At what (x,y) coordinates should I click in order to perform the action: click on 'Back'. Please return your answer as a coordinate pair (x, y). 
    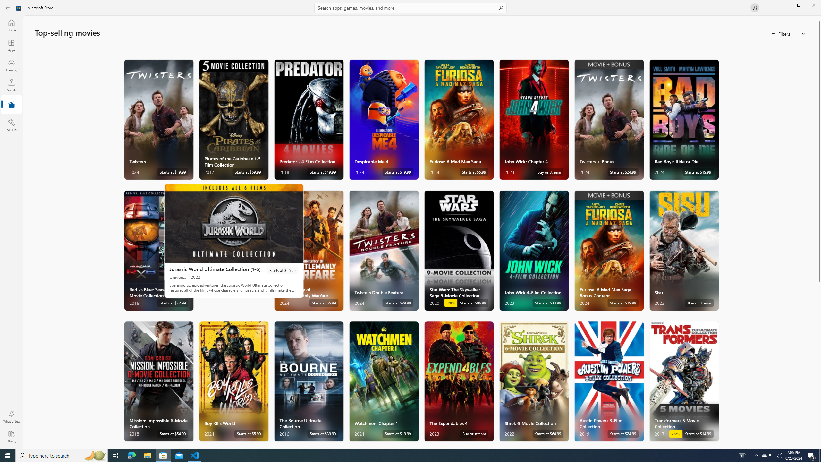
    Looking at the image, I should click on (8, 7).